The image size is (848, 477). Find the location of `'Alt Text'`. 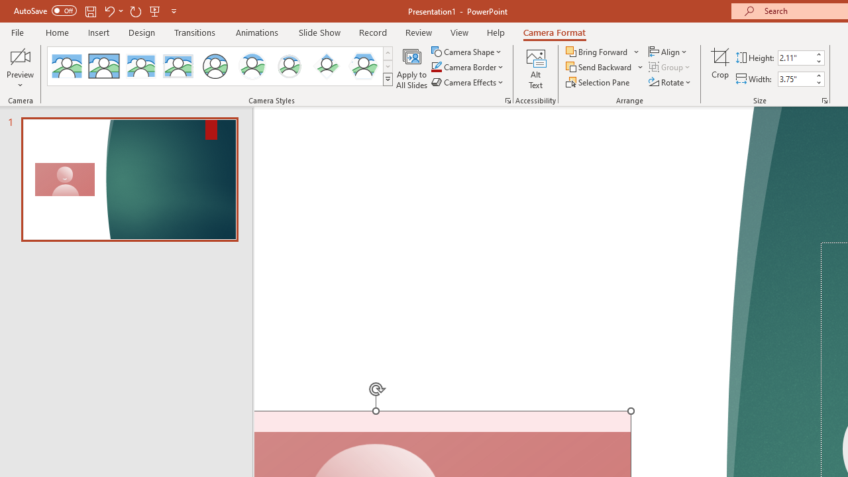

'Alt Text' is located at coordinates (535, 68).